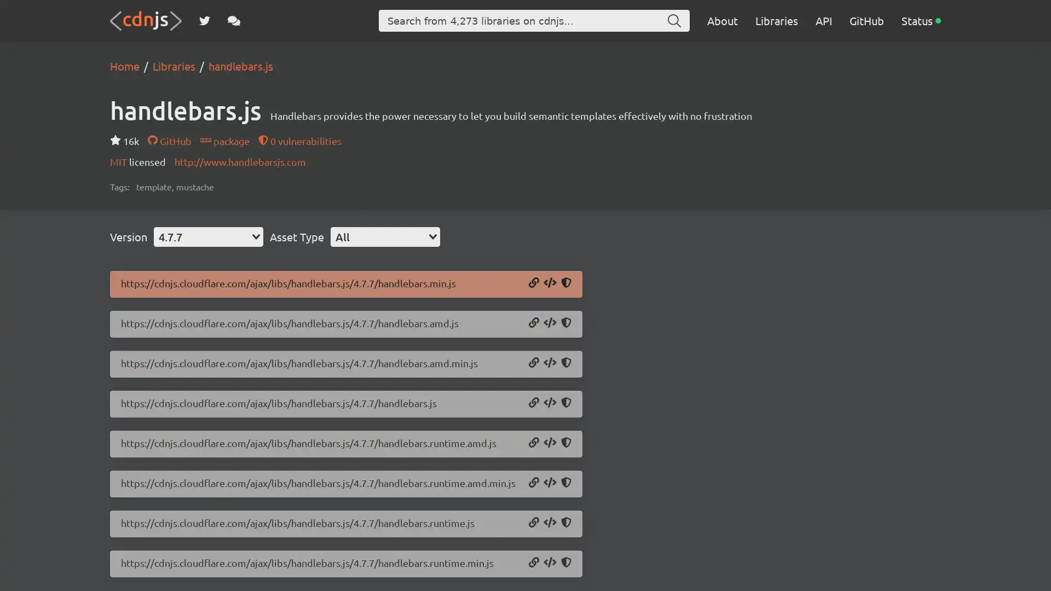 Image resolution: width=1051 pixels, height=591 pixels. Describe the element at coordinates (566, 443) in the screenshot. I see `Copy SRI Hash` at that location.